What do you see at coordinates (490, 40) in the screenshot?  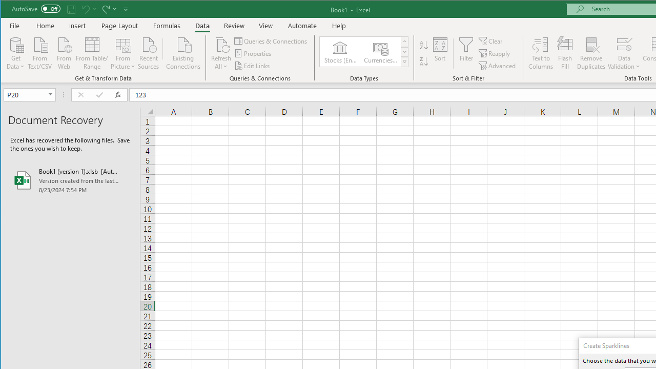 I see `'Clear'` at bounding box center [490, 40].